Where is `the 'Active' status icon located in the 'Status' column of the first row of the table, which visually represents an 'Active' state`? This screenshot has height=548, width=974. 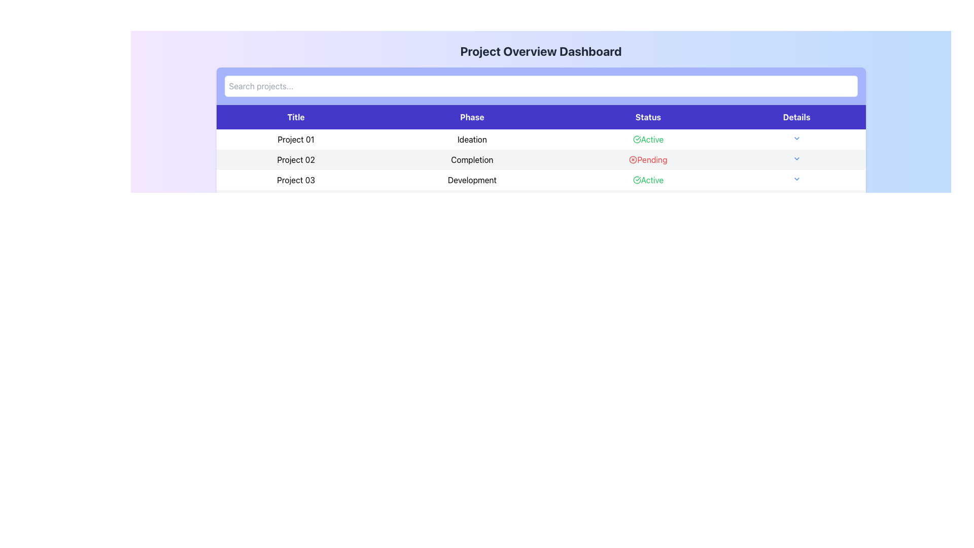
the 'Active' status icon located in the 'Status' column of the first row of the table, which visually represents an 'Active' state is located at coordinates (636, 139).